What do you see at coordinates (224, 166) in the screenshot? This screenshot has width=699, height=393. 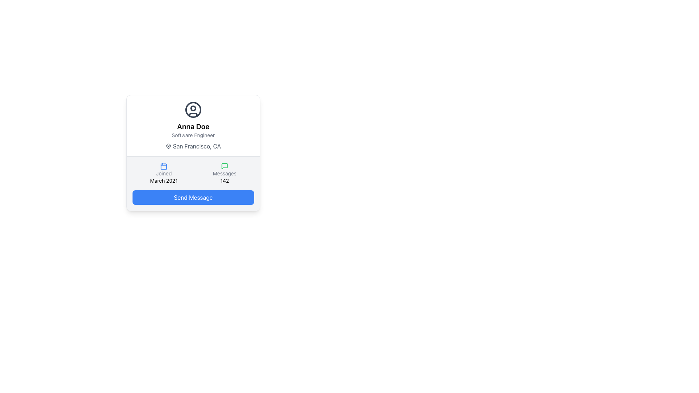 I see `the messaging icon located on the right side of the section at the bottom of the card-like layout, near the 'Messages' label` at bounding box center [224, 166].